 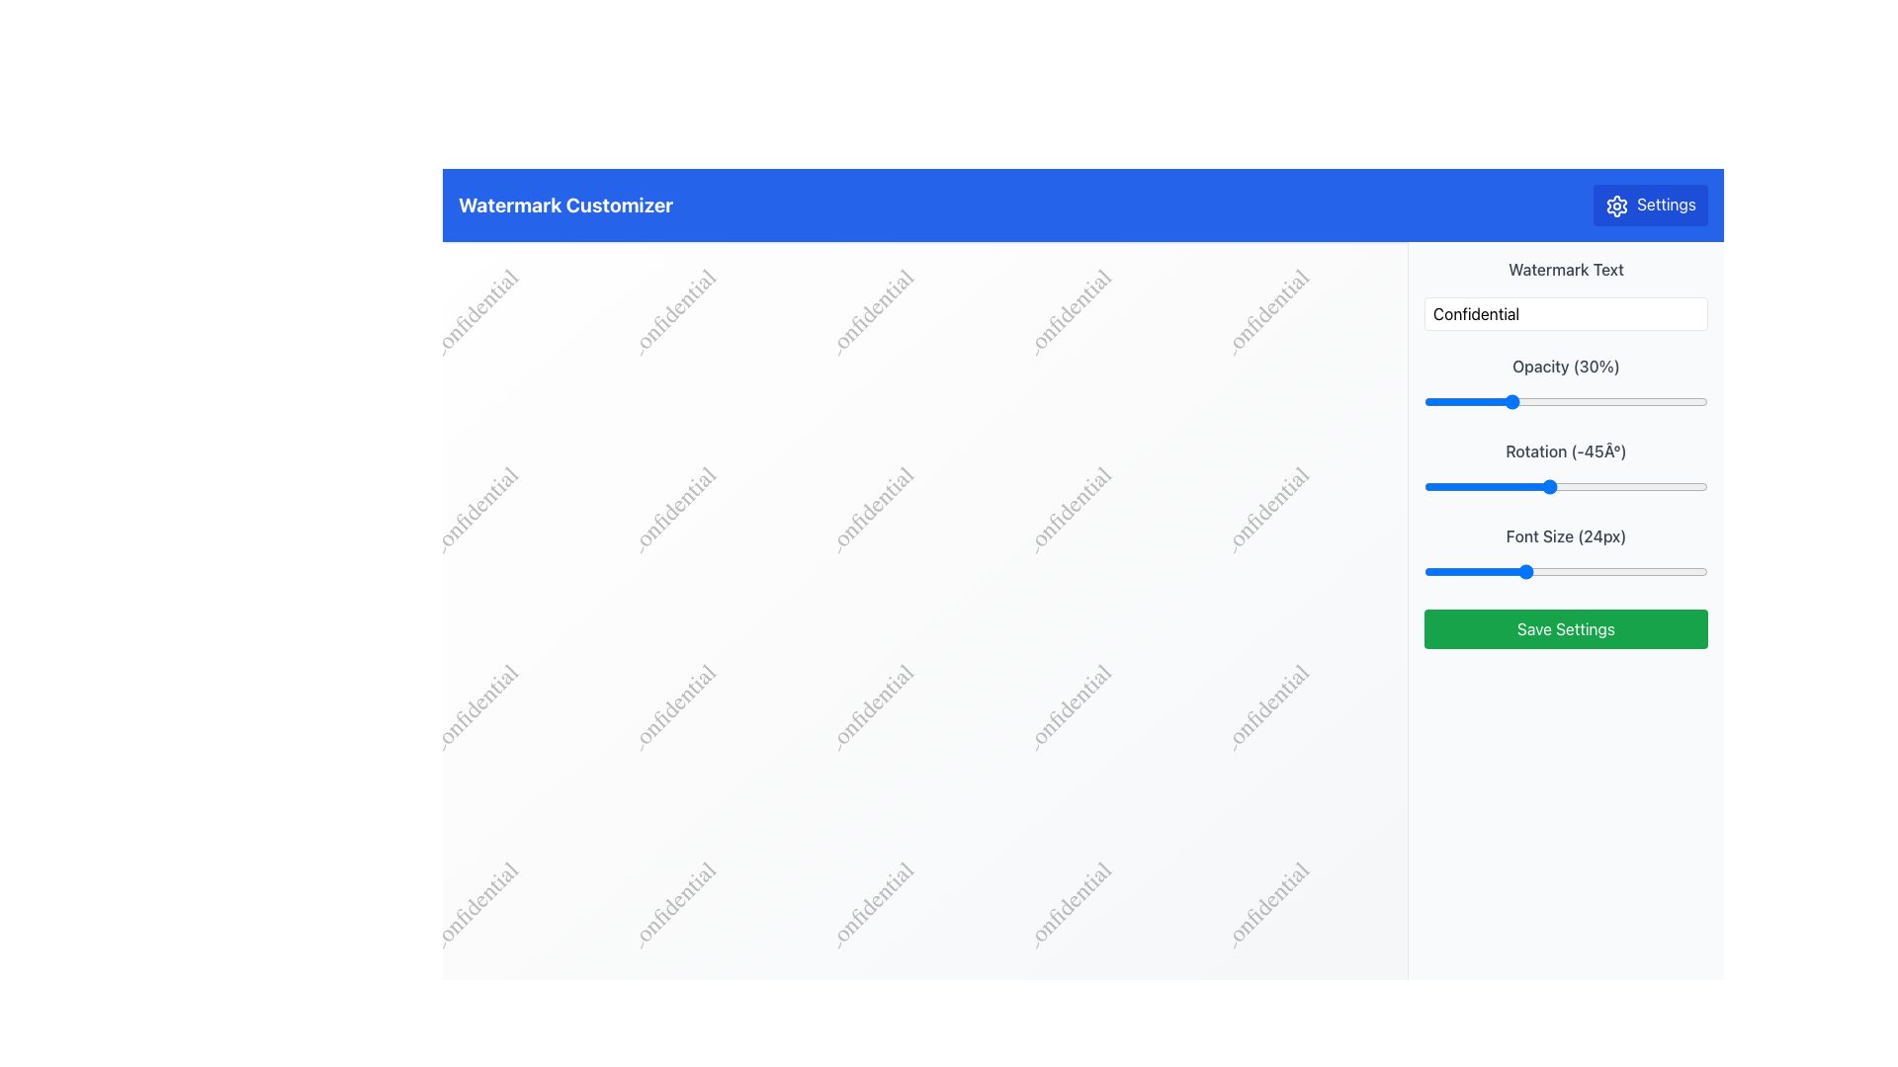 What do you see at coordinates (1452, 486) in the screenshot?
I see `rotation` at bounding box center [1452, 486].